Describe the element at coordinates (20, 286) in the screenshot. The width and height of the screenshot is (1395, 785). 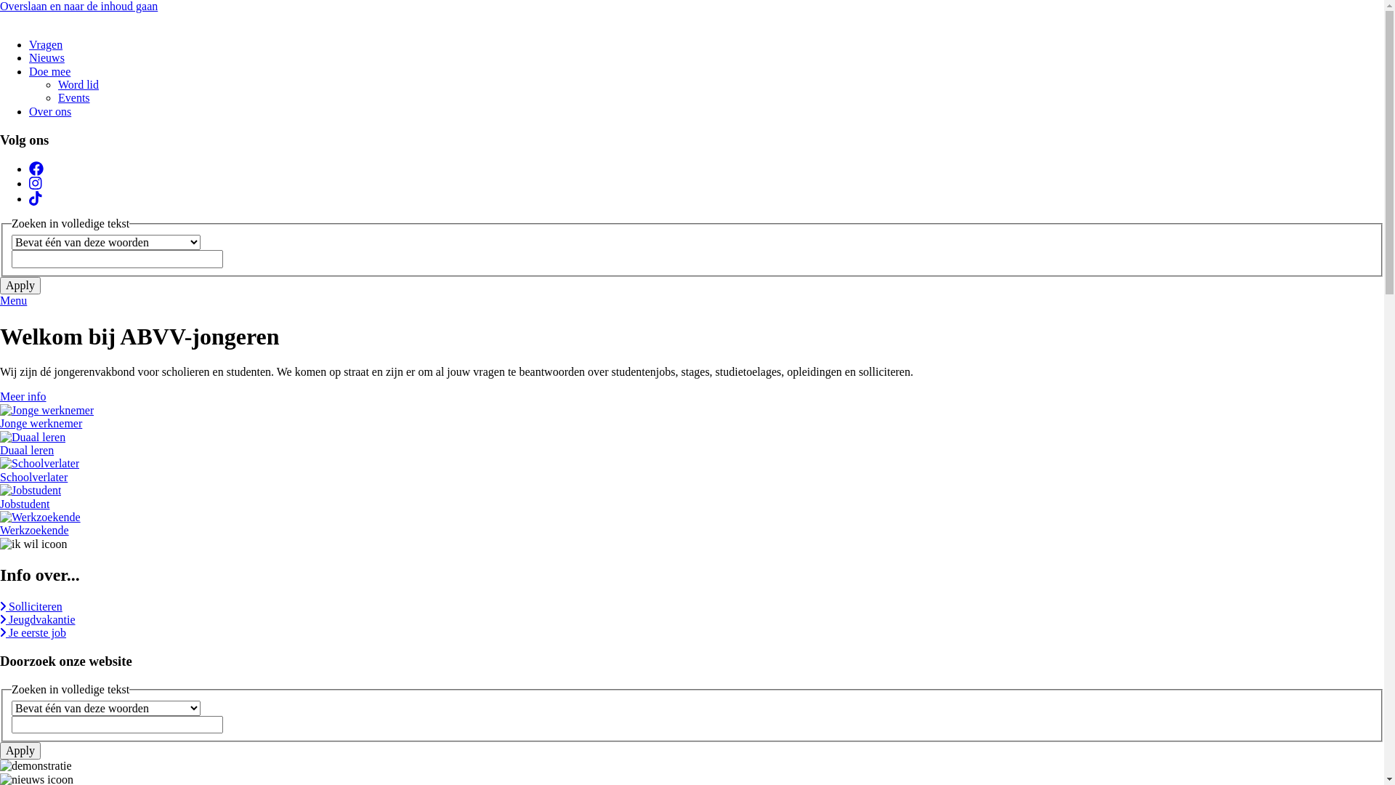
I see `'Apply'` at that location.